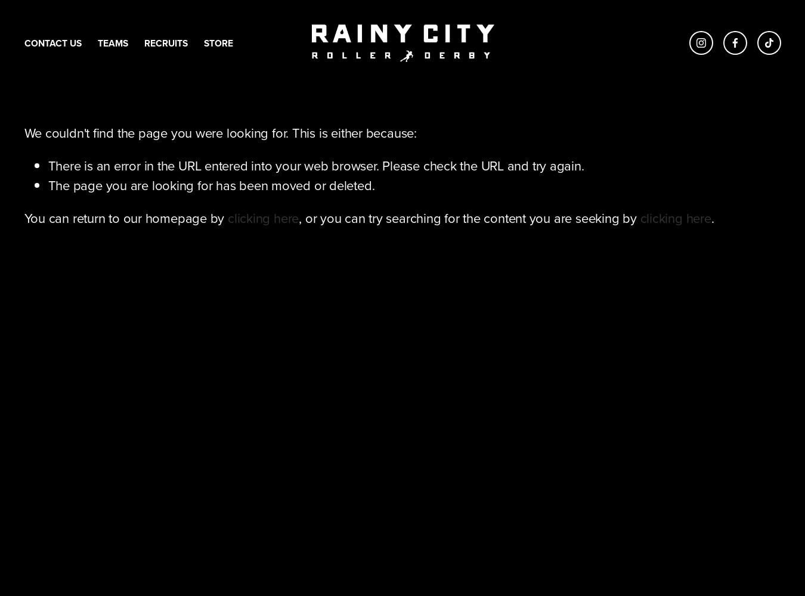  What do you see at coordinates (165, 42) in the screenshot?
I see `'RECRUITS'` at bounding box center [165, 42].